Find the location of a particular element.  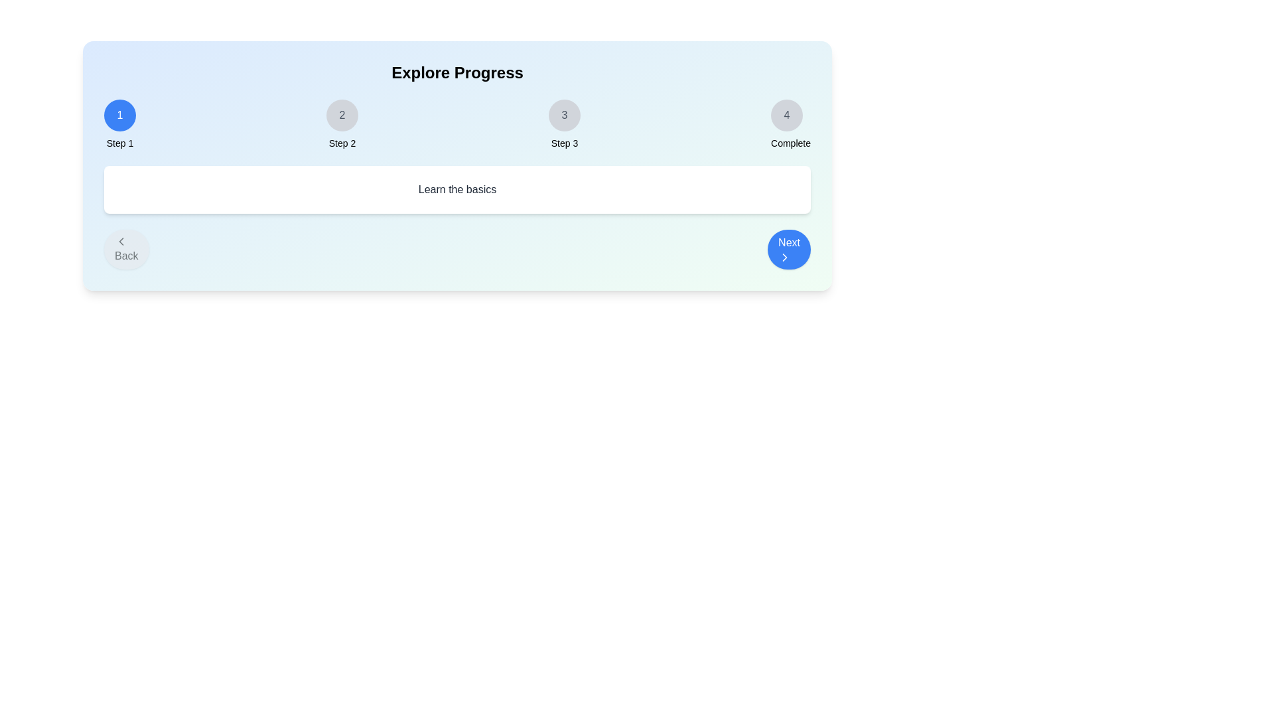

the 'Next' button to navigate to the next step is located at coordinates (789, 249).